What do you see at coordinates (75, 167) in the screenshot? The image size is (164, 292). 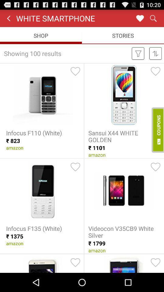 I see `favourite icon above infocus f135white` at bounding box center [75, 167].